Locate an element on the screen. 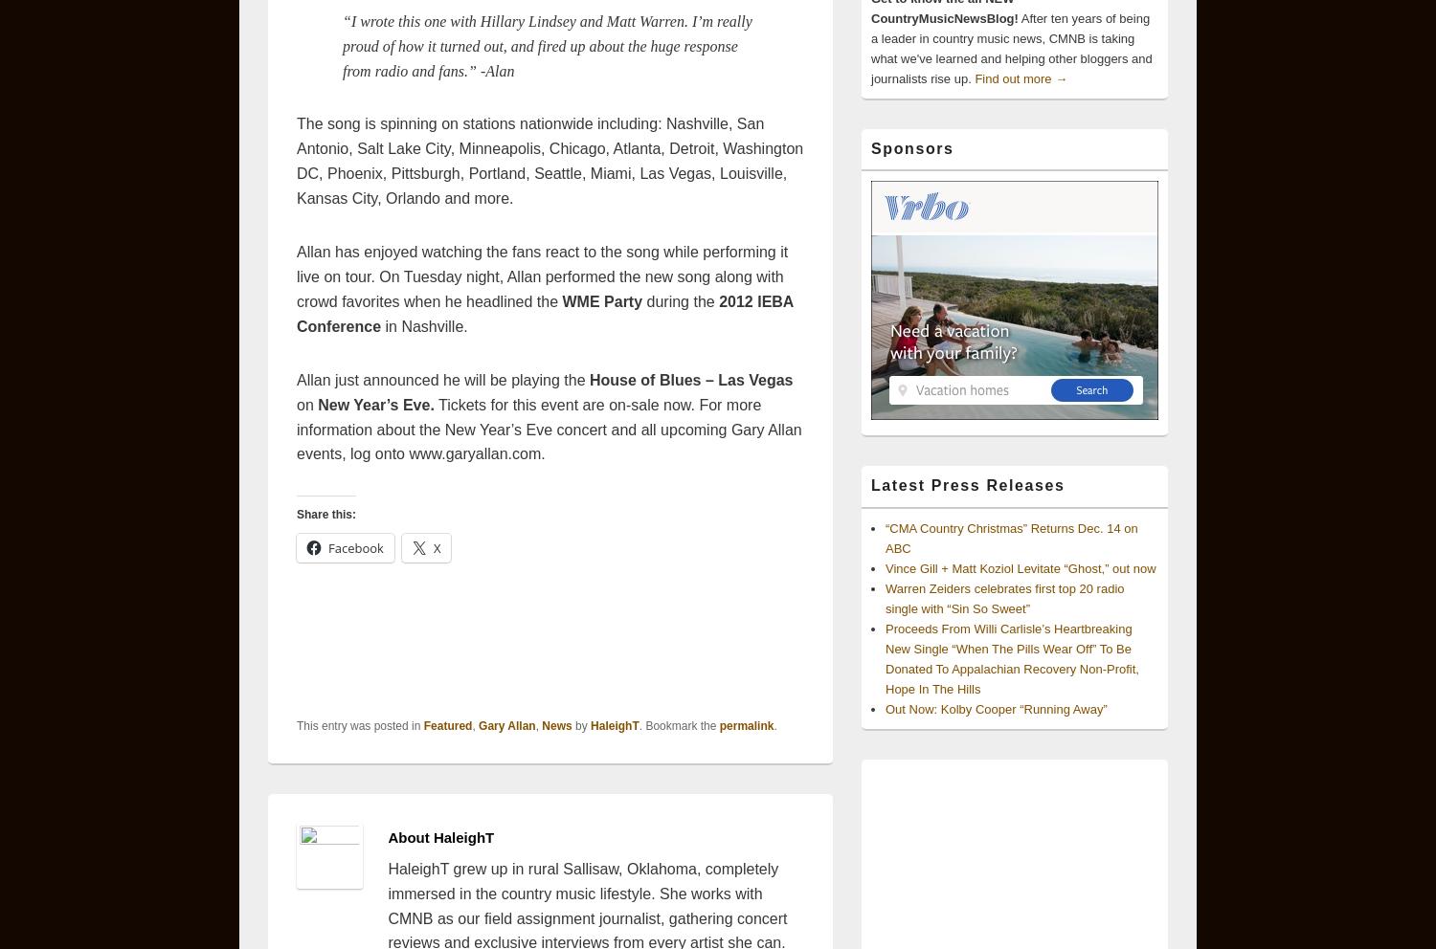 The width and height of the screenshot is (1436, 949). 'X' is located at coordinates (436, 546).